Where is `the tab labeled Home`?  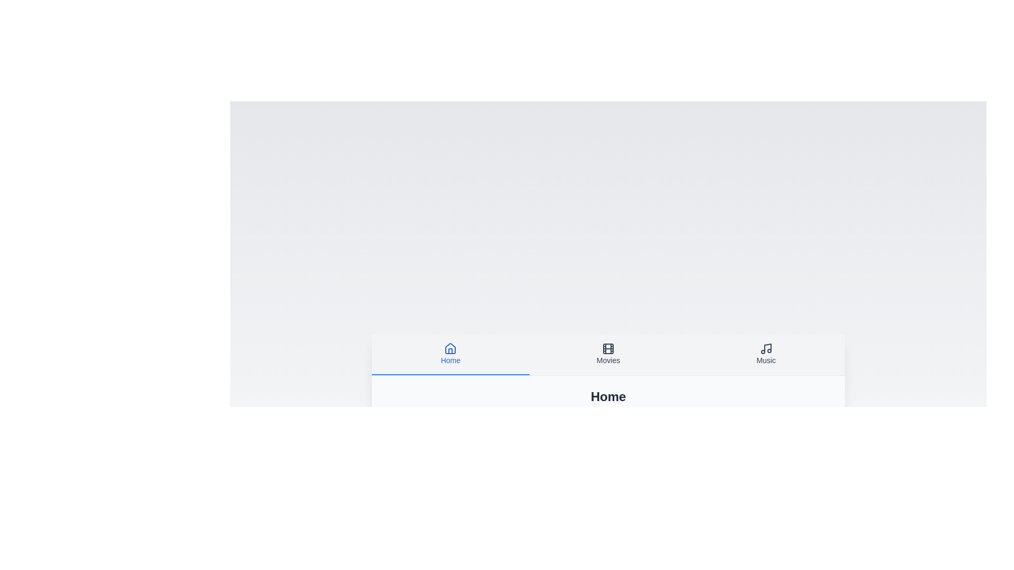 the tab labeled Home is located at coordinates (450, 354).